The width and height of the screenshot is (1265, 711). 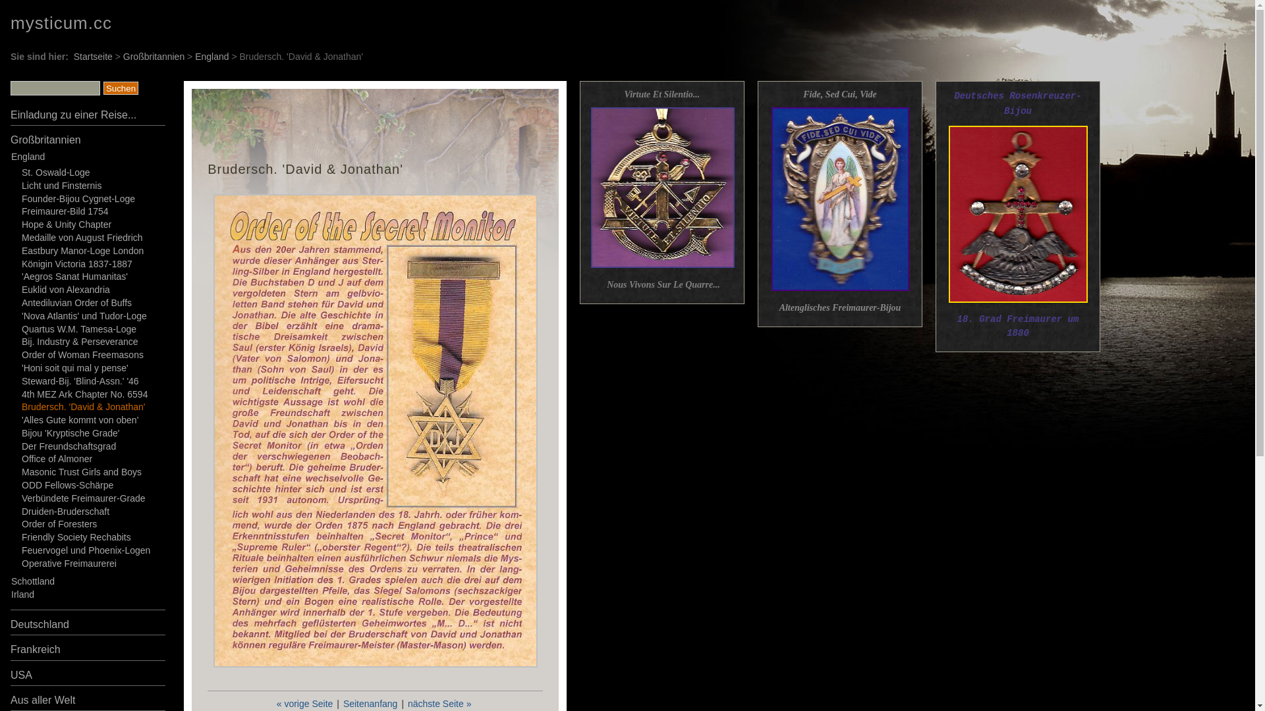 I want to click on 'Deutschland', so click(x=40, y=623).